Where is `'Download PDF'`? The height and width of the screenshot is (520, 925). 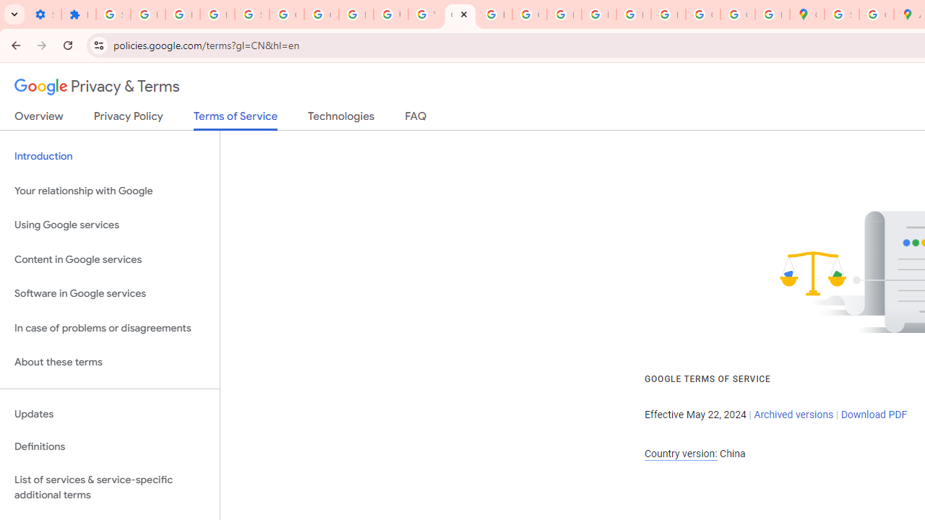
'Download PDF' is located at coordinates (873, 415).